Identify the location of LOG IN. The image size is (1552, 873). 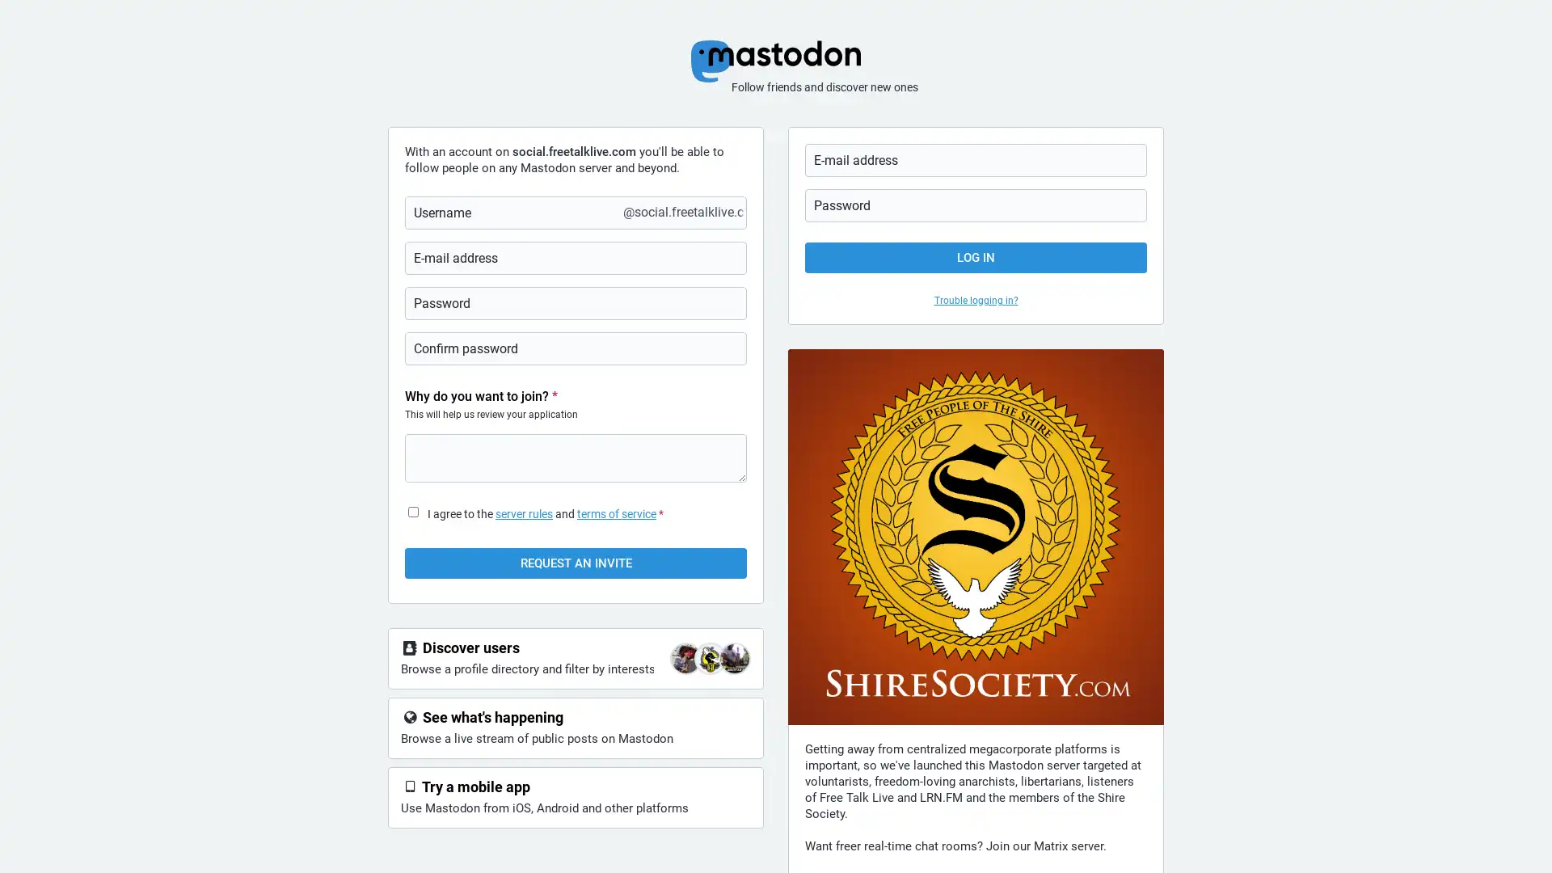
(975, 257).